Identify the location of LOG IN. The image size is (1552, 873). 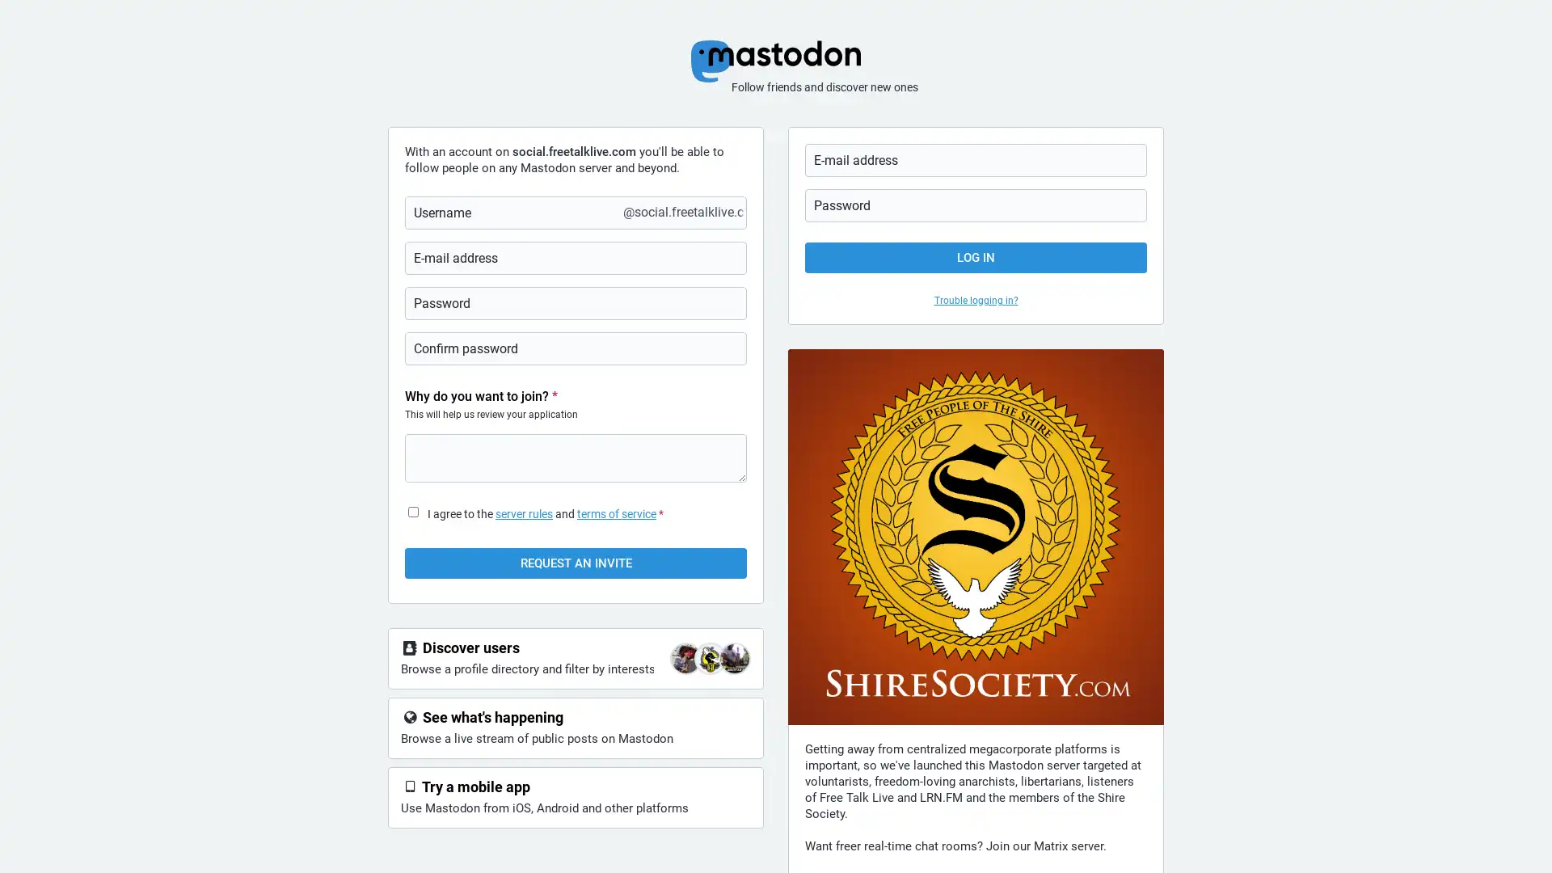
(975, 257).